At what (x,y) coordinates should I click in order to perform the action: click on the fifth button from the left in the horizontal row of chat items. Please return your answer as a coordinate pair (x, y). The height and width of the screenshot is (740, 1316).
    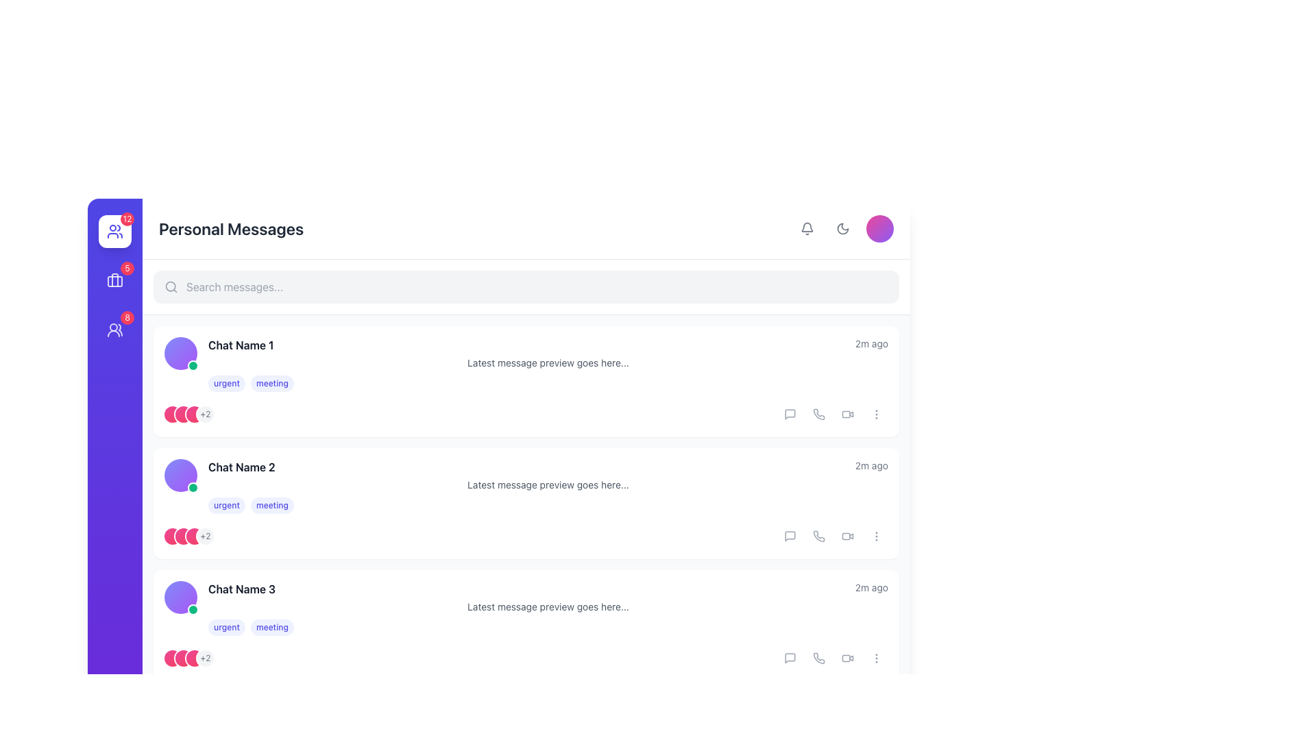
    Looking at the image, I should click on (875, 657).